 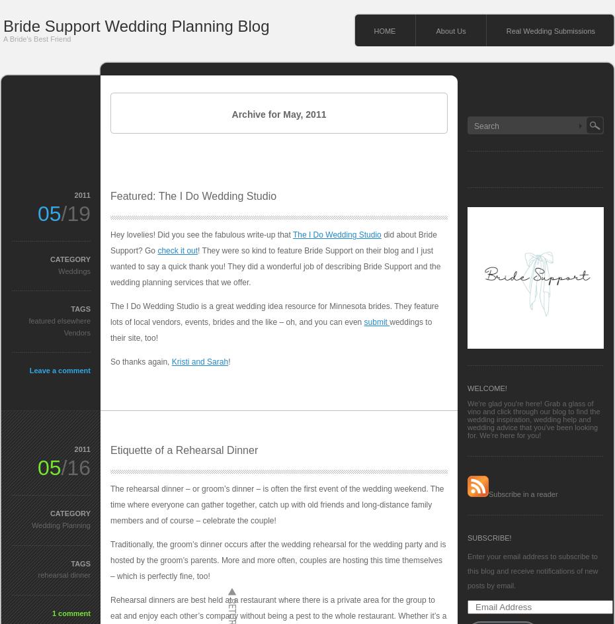 What do you see at coordinates (110, 504) in the screenshot?
I see `'The rehearsal dinner – or groom’s dinner – is often the first event of the wedding weekend. The time where everyone can gather together, catch up with old friends and long-distance family members and of course – celebrate the couple!'` at bounding box center [110, 504].